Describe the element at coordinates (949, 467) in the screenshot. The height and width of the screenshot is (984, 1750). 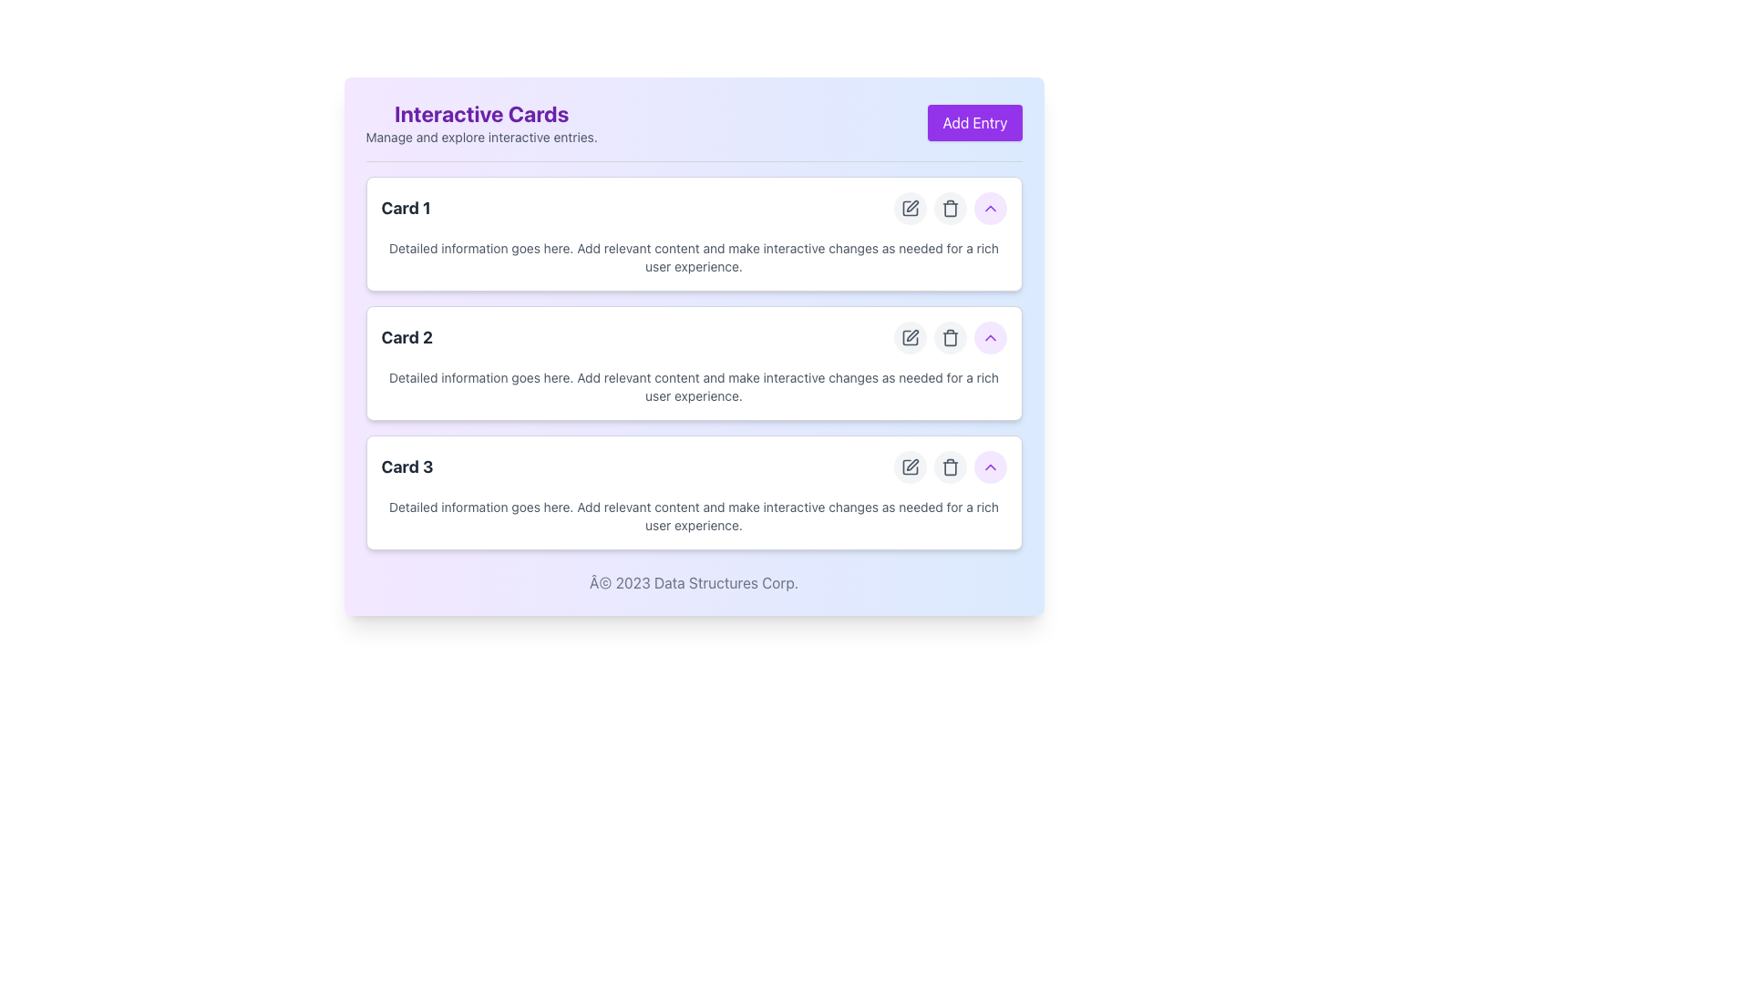
I see `the trash can icon button located to the right of the 'Card 3' entry in the vertical list of cards` at that location.